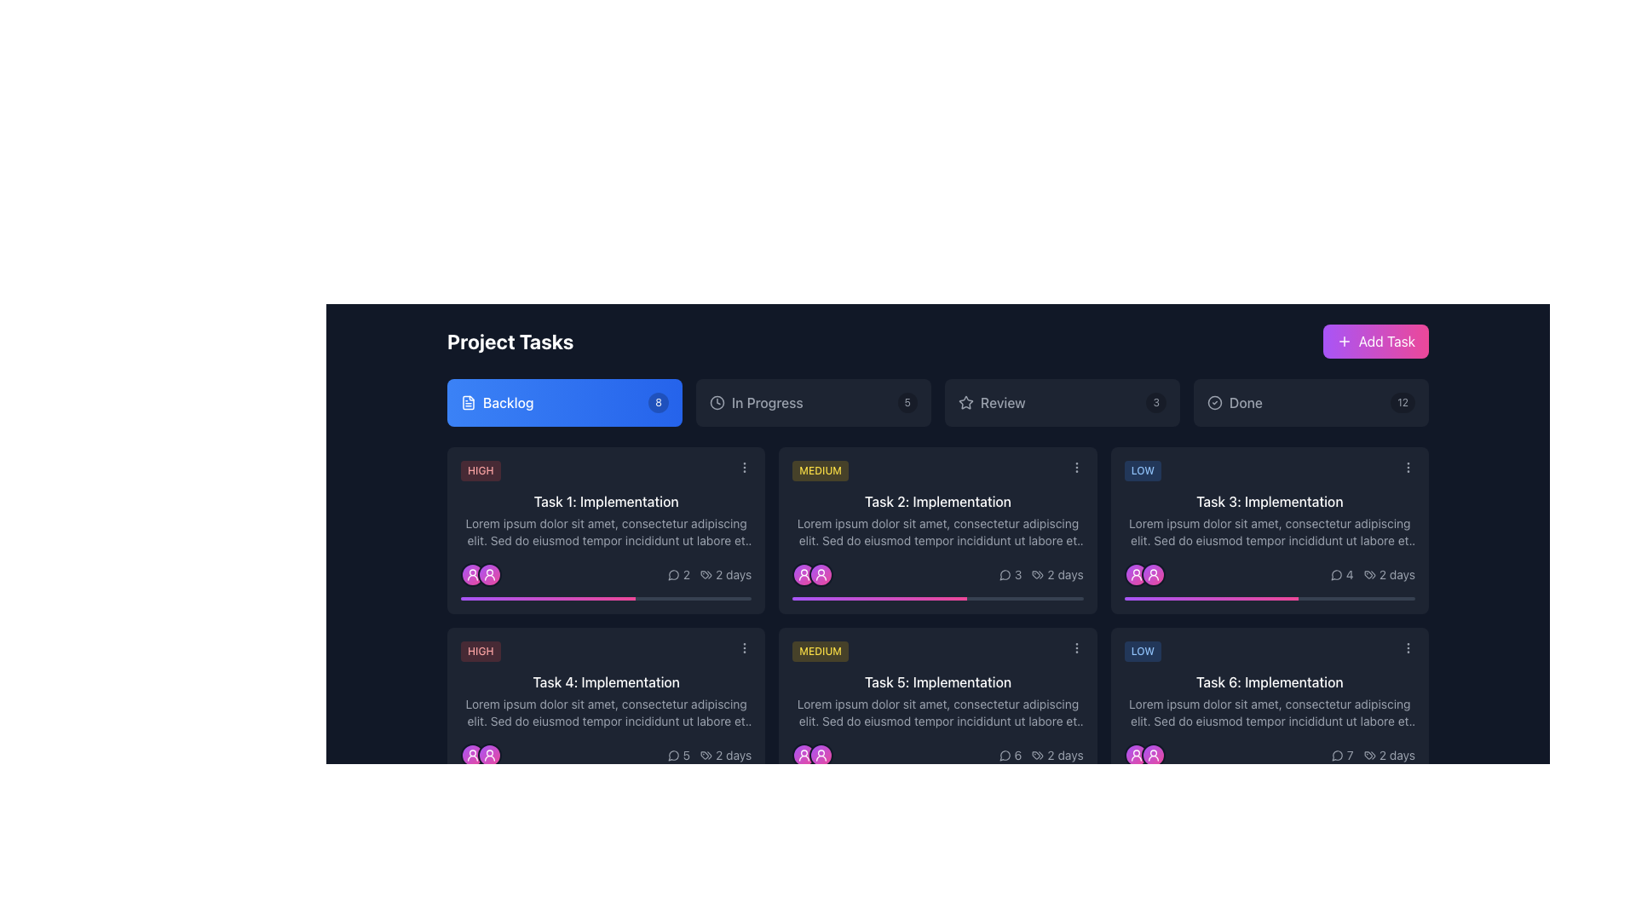  What do you see at coordinates (1064, 755) in the screenshot?
I see `text content of the label indicating the remaining or elapsed time associated with 'Task 5: Implementation', positioned at the bottom-right corner of the task card` at bounding box center [1064, 755].